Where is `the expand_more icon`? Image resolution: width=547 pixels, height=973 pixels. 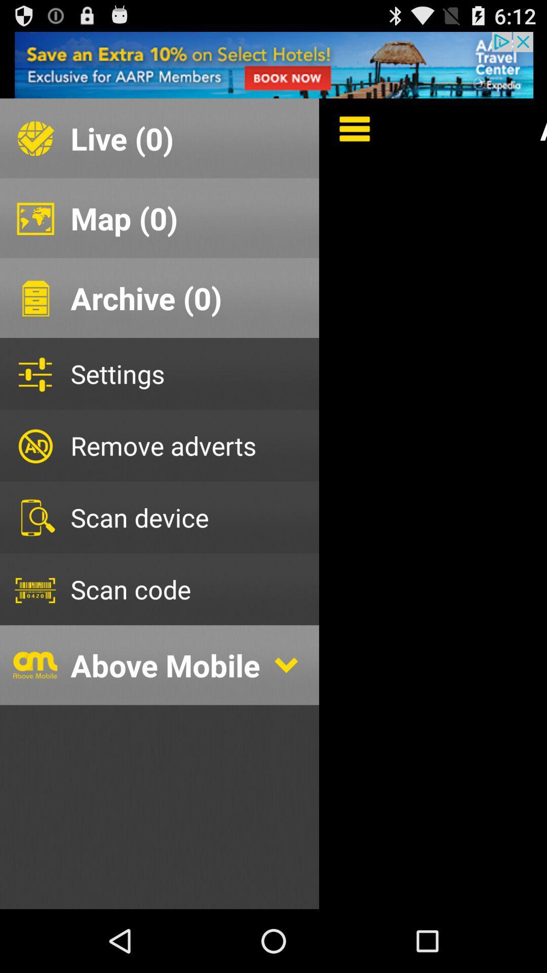
the expand_more icon is located at coordinates (286, 711).